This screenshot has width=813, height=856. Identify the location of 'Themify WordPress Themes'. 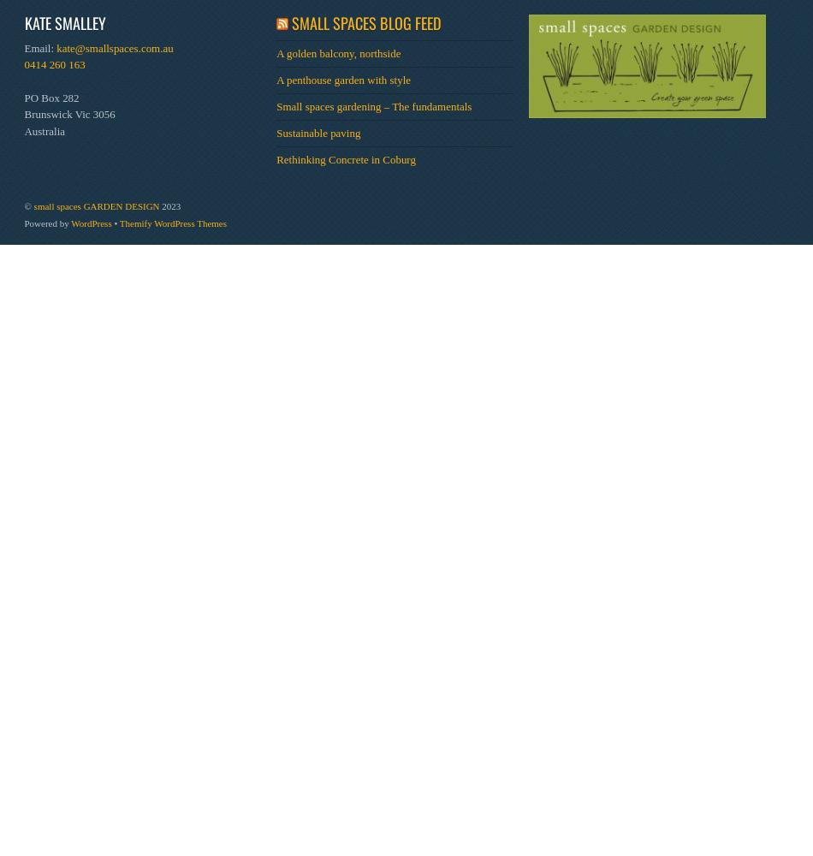
(172, 223).